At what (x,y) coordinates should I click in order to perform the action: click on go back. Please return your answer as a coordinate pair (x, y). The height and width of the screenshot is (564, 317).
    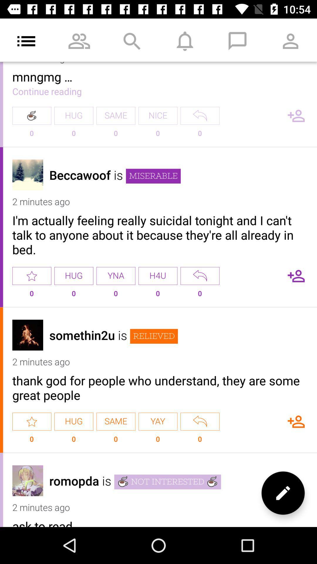
    Looking at the image, I should click on (200, 116).